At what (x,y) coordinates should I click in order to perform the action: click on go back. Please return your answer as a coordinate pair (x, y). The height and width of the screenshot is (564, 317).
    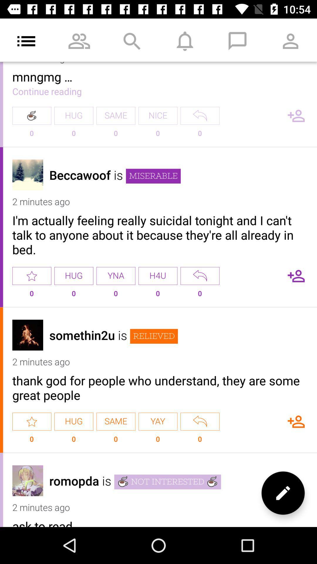
    Looking at the image, I should click on (200, 116).